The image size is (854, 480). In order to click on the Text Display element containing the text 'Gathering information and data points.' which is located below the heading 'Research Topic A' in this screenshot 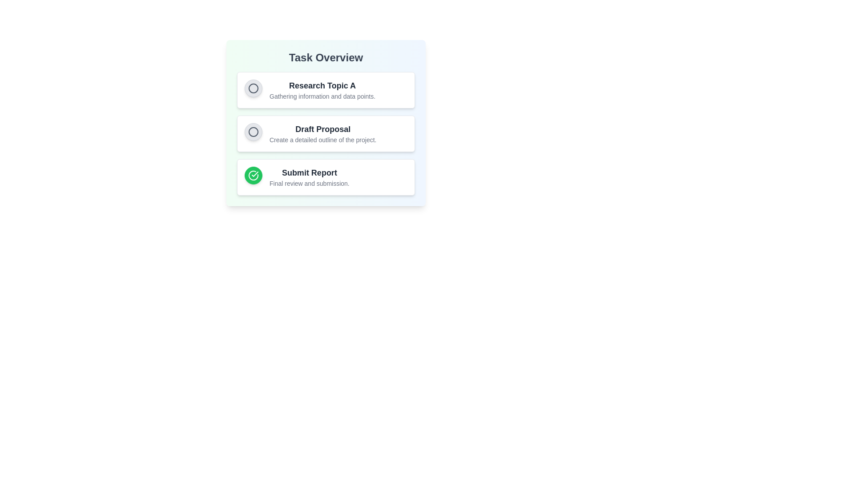, I will do `click(322, 96)`.